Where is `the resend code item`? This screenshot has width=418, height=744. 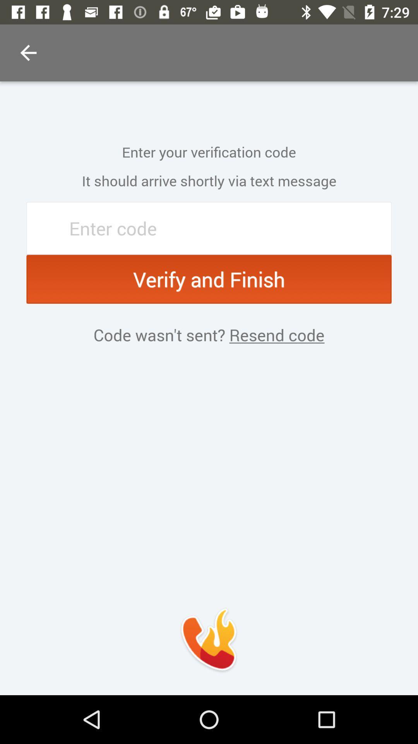
the resend code item is located at coordinates (274, 335).